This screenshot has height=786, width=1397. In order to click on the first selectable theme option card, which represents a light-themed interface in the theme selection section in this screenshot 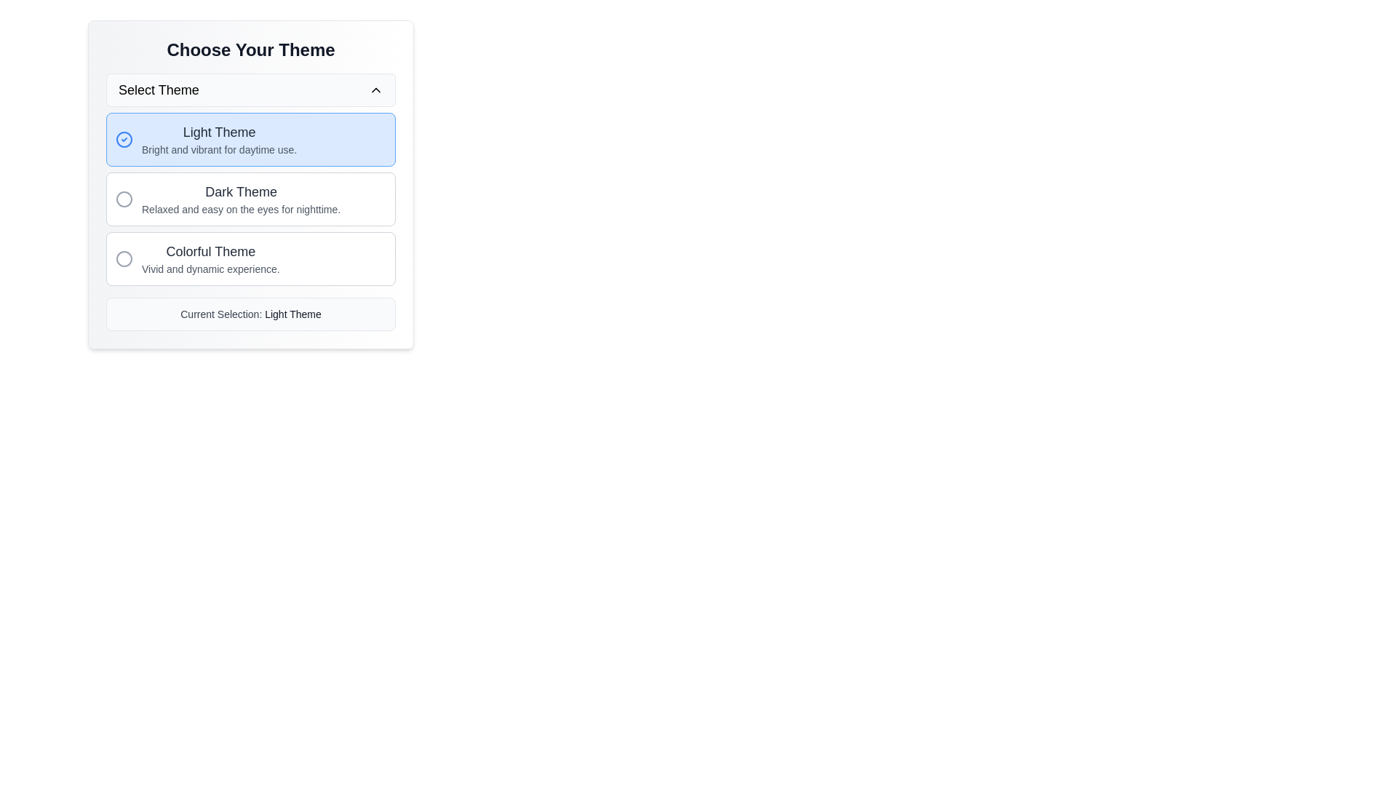, I will do `click(251, 140)`.